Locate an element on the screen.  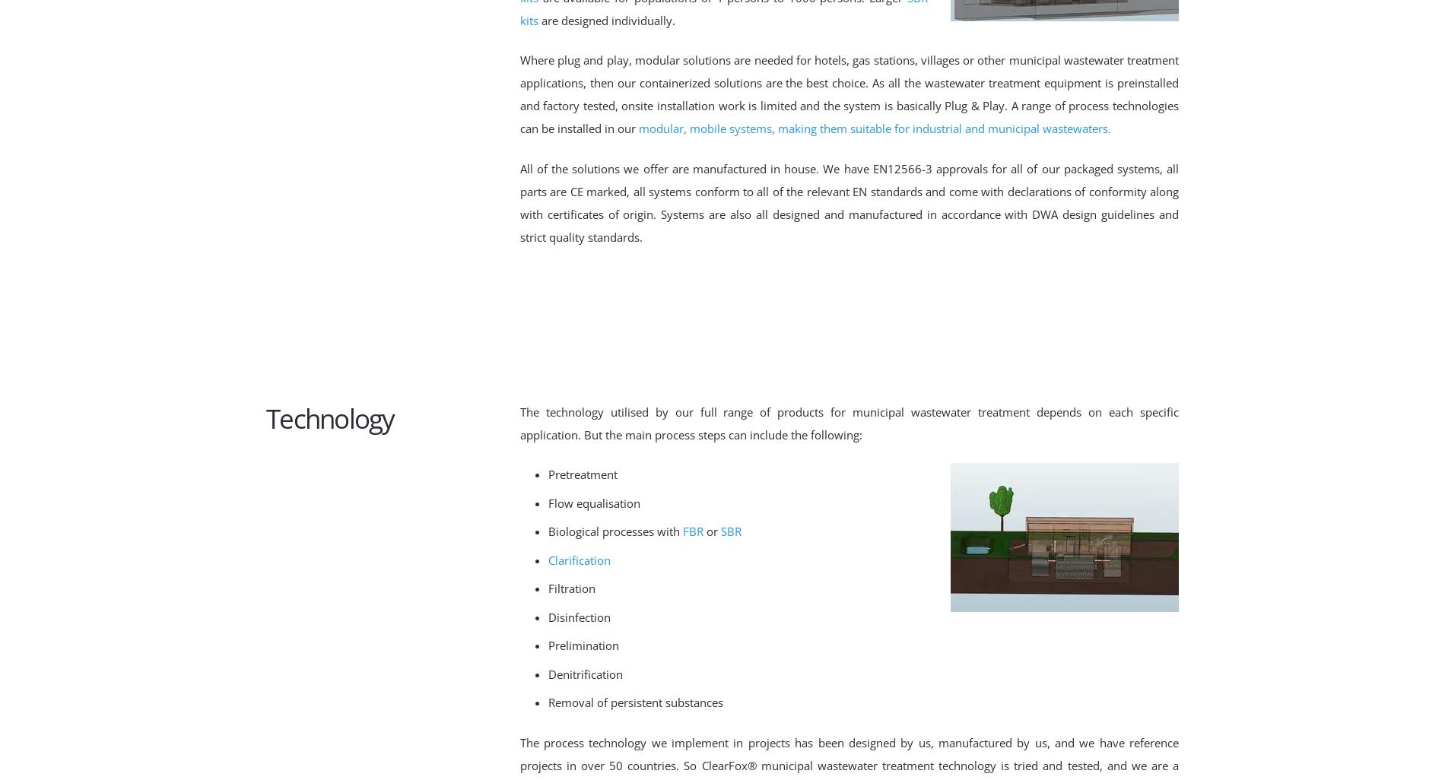
'Disinfection' is located at coordinates (579, 615).